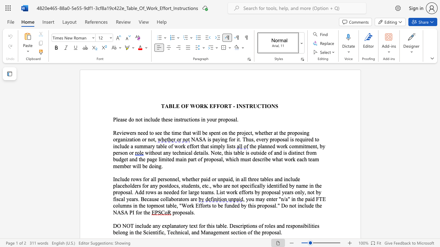  I want to click on the space between the continuous character "w" and "o" in the text, so click(280, 146).